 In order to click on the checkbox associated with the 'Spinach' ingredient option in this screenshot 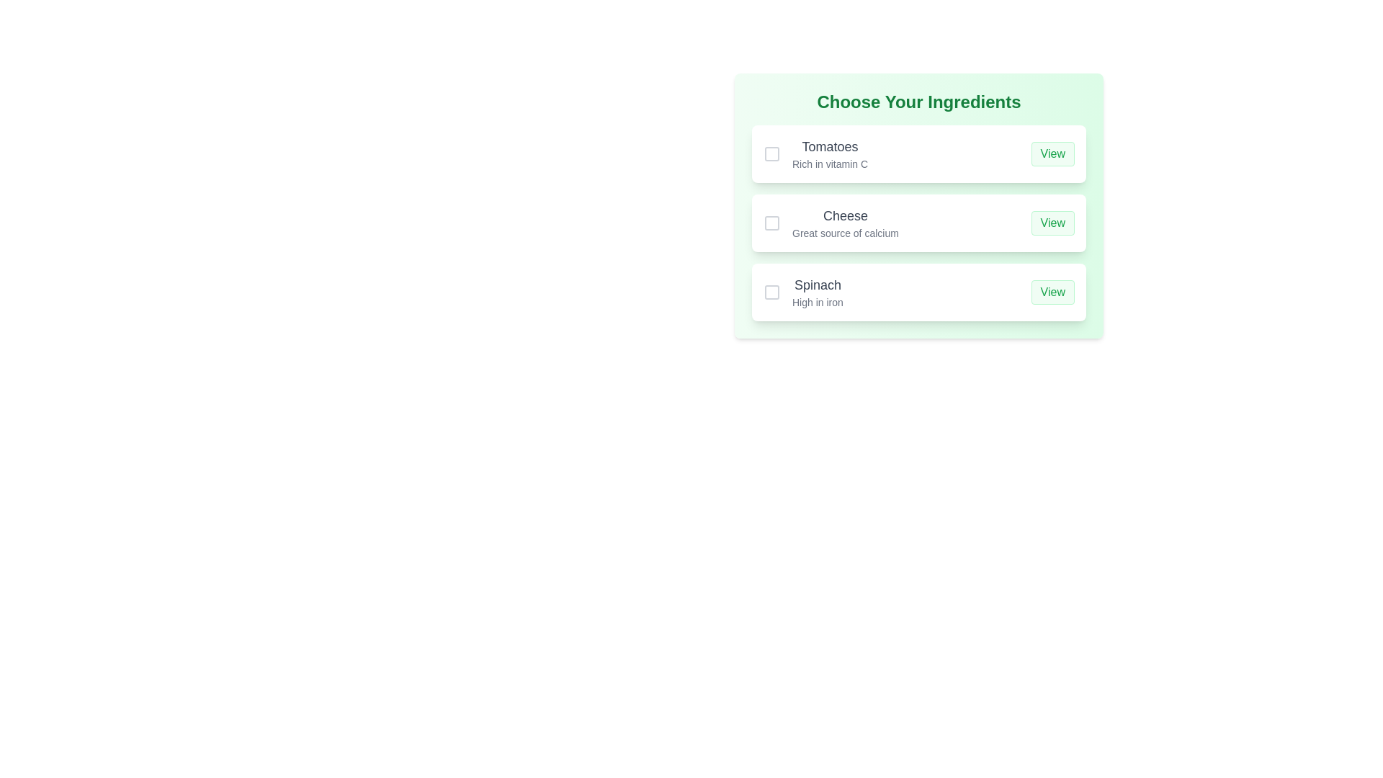, I will do `click(771, 292)`.